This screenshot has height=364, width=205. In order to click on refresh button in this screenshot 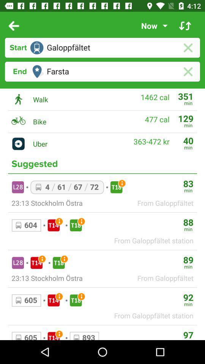, I will do `click(184, 26)`.